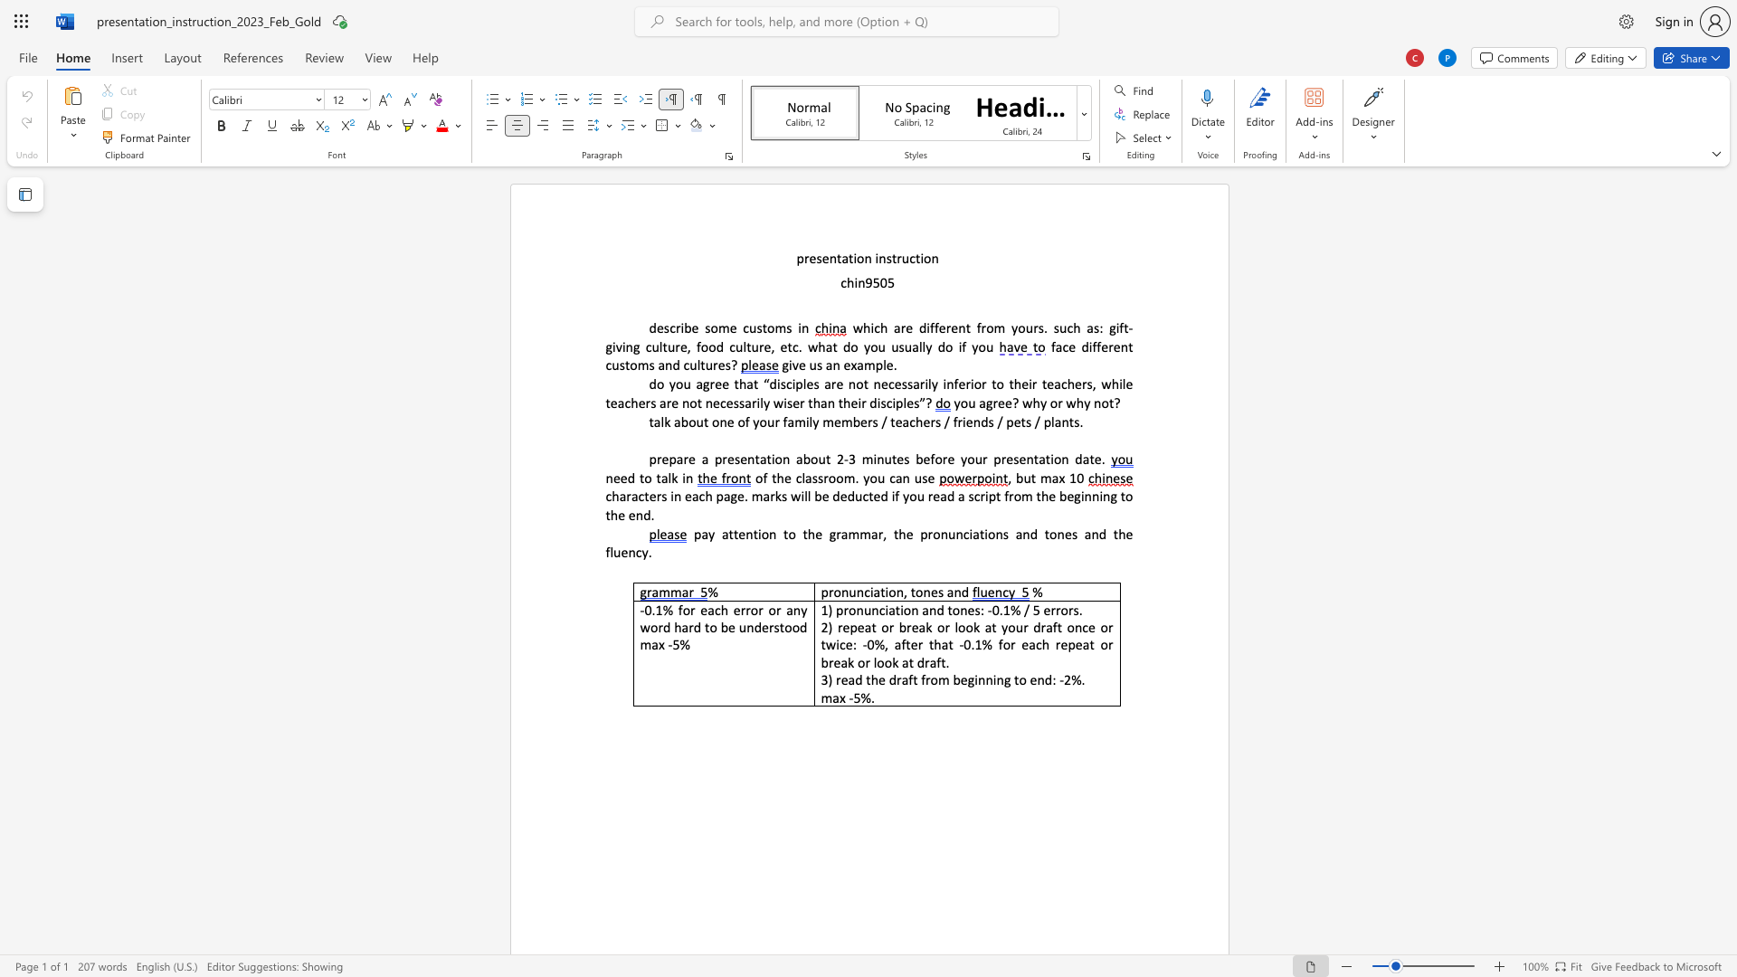 The height and width of the screenshot is (977, 1737). What do you see at coordinates (660, 346) in the screenshot?
I see `the 1th character "l" in the text` at bounding box center [660, 346].